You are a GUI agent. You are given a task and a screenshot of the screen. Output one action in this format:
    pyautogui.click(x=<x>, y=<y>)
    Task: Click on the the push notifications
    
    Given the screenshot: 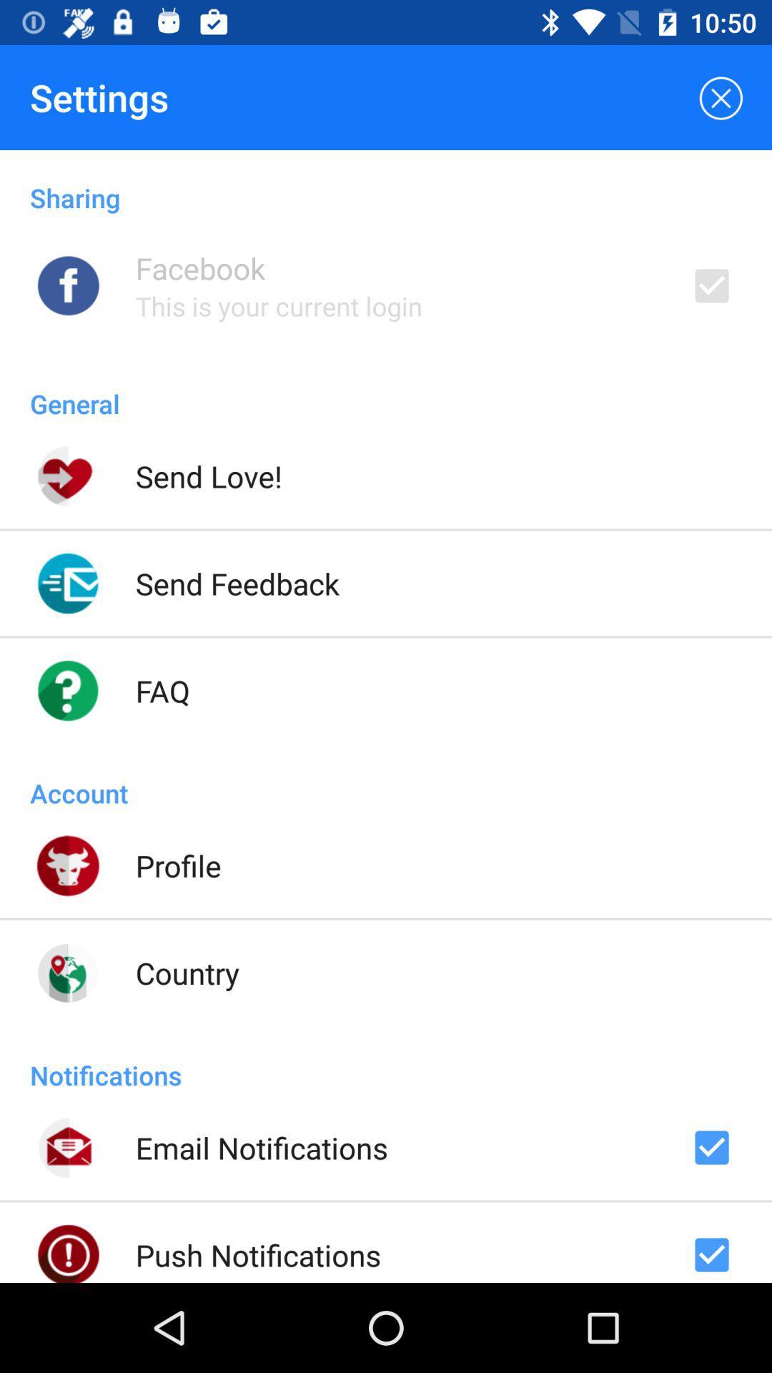 What is the action you would take?
    pyautogui.click(x=258, y=1254)
    